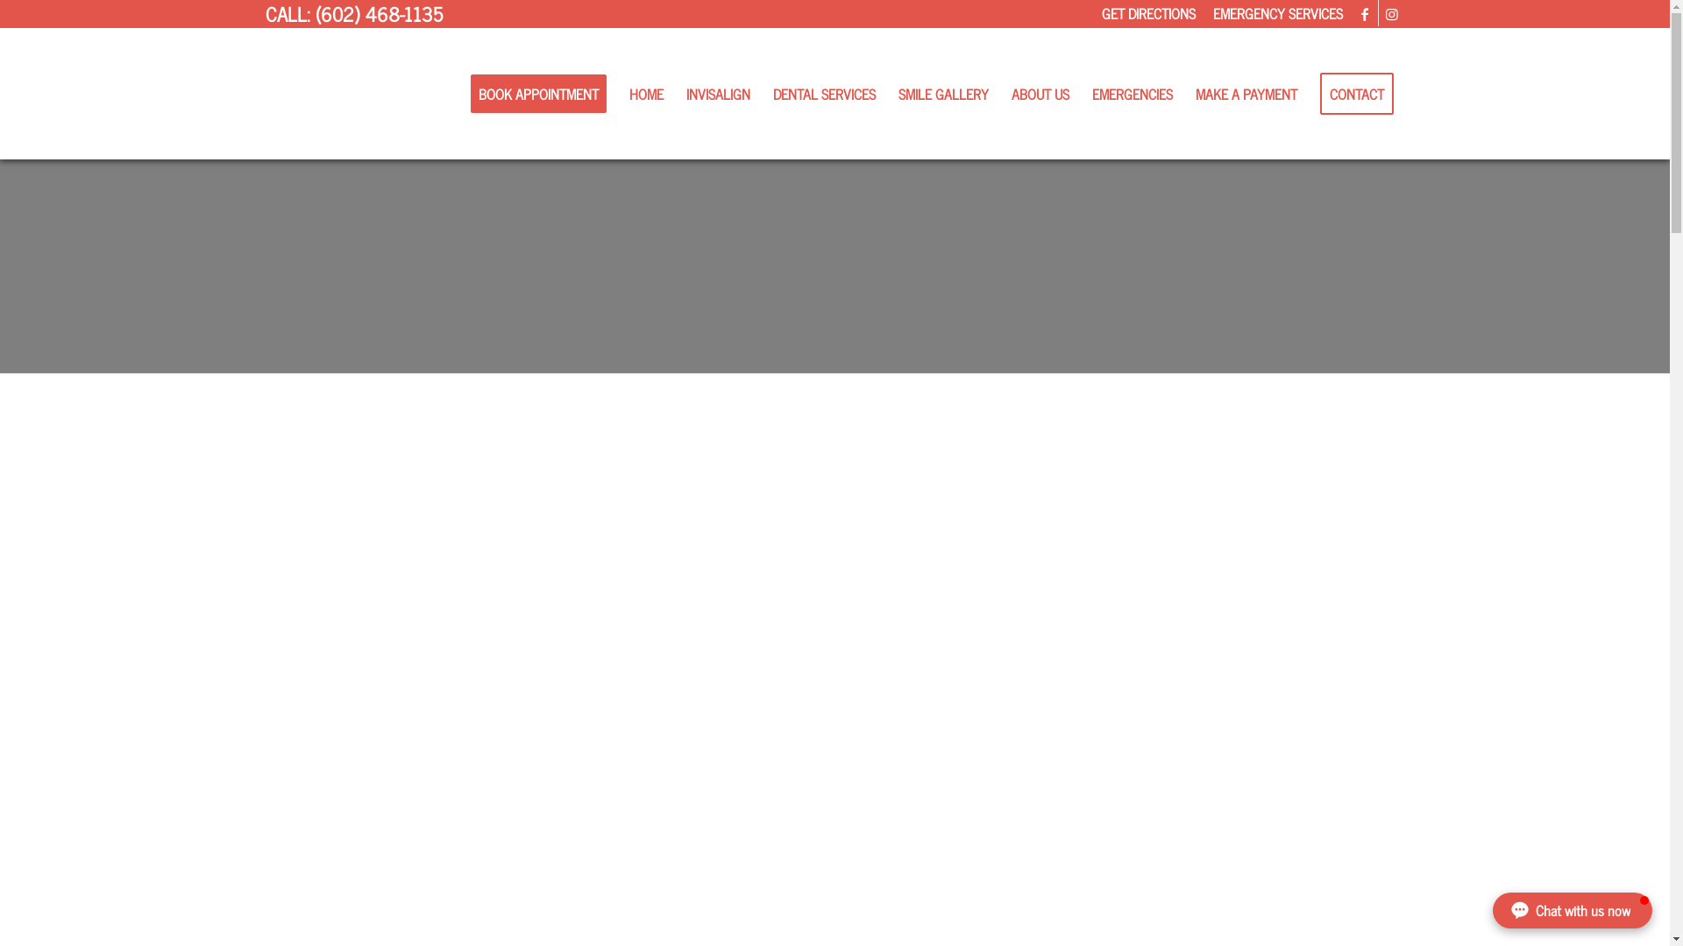 This screenshot has width=1683, height=946. What do you see at coordinates (1390, 13) in the screenshot?
I see `'Instagram'` at bounding box center [1390, 13].